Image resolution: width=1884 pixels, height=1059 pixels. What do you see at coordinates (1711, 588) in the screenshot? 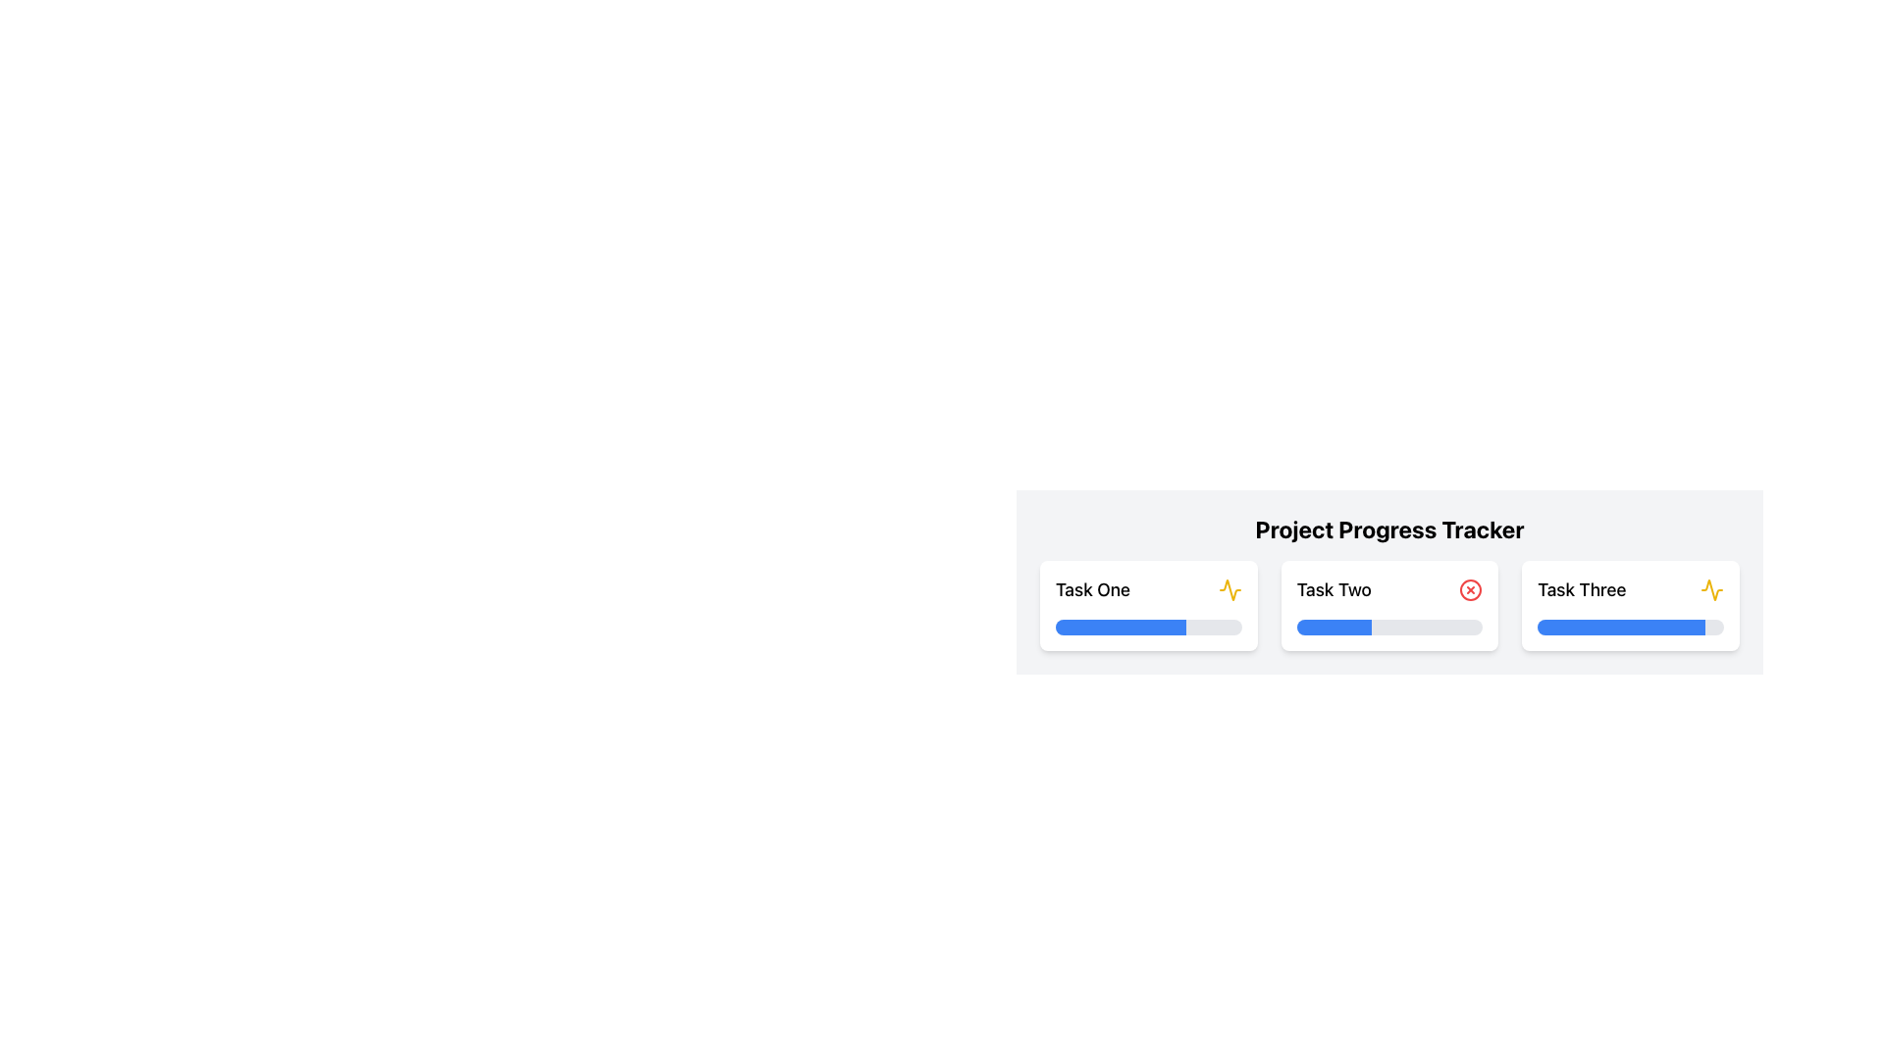
I see `the icon graphic located to the right of the text 'Task Three' which serves as a visual indicator for progress or status` at bounding box center [1711, 588].